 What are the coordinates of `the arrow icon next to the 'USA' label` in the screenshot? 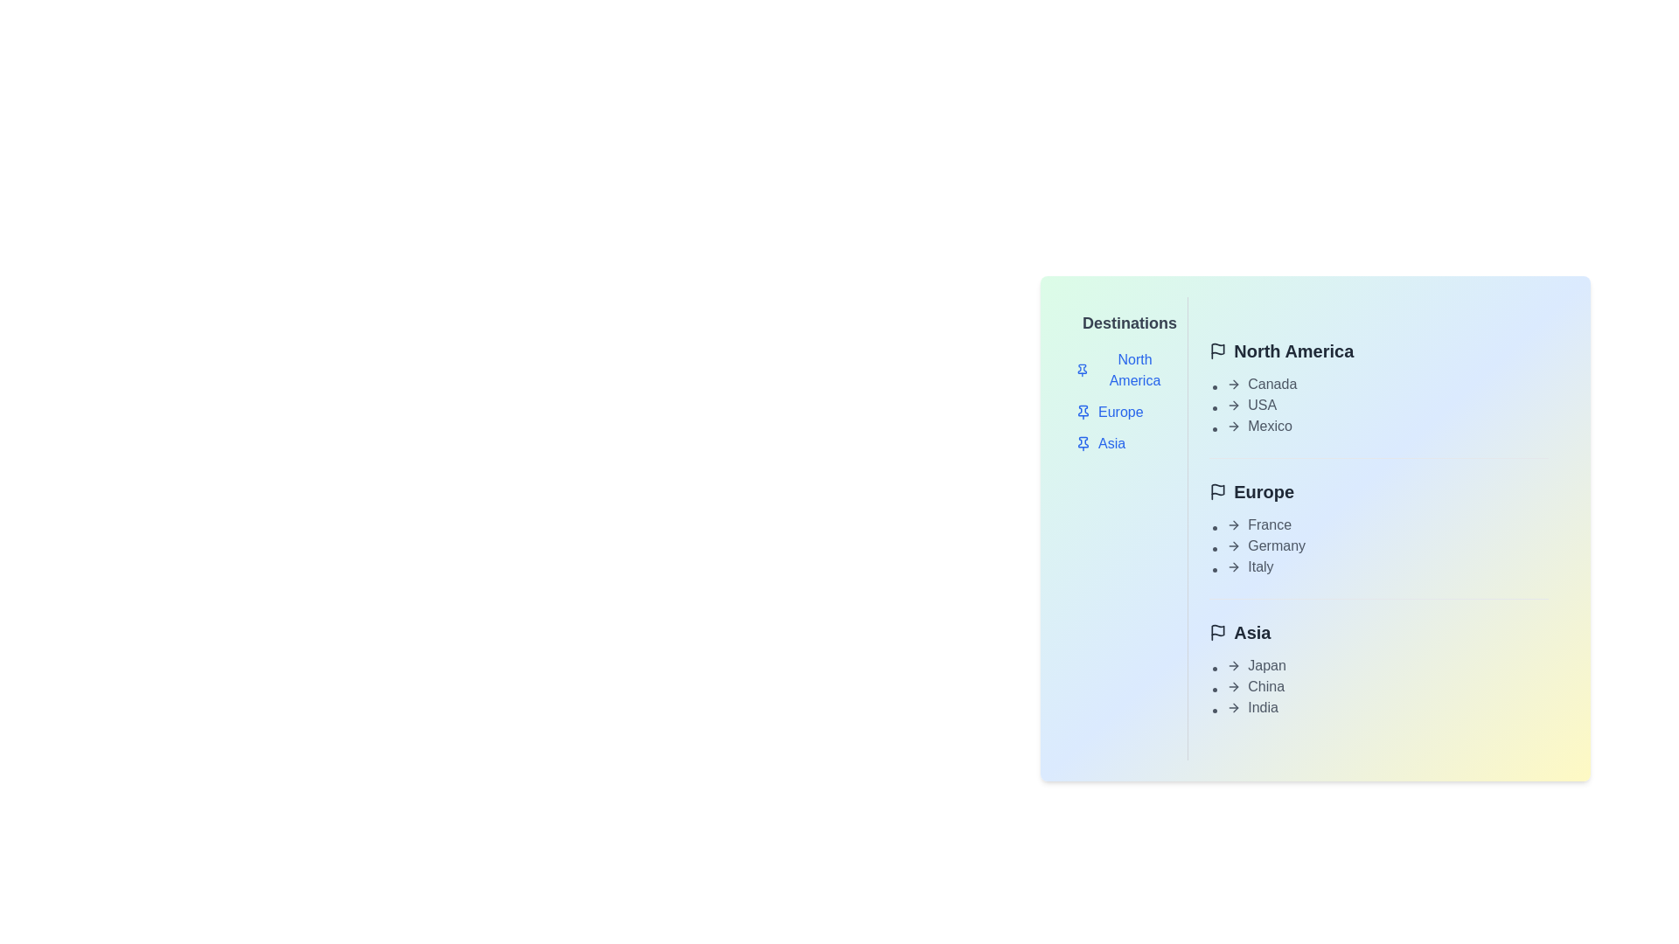 It's located at (1233, 405).